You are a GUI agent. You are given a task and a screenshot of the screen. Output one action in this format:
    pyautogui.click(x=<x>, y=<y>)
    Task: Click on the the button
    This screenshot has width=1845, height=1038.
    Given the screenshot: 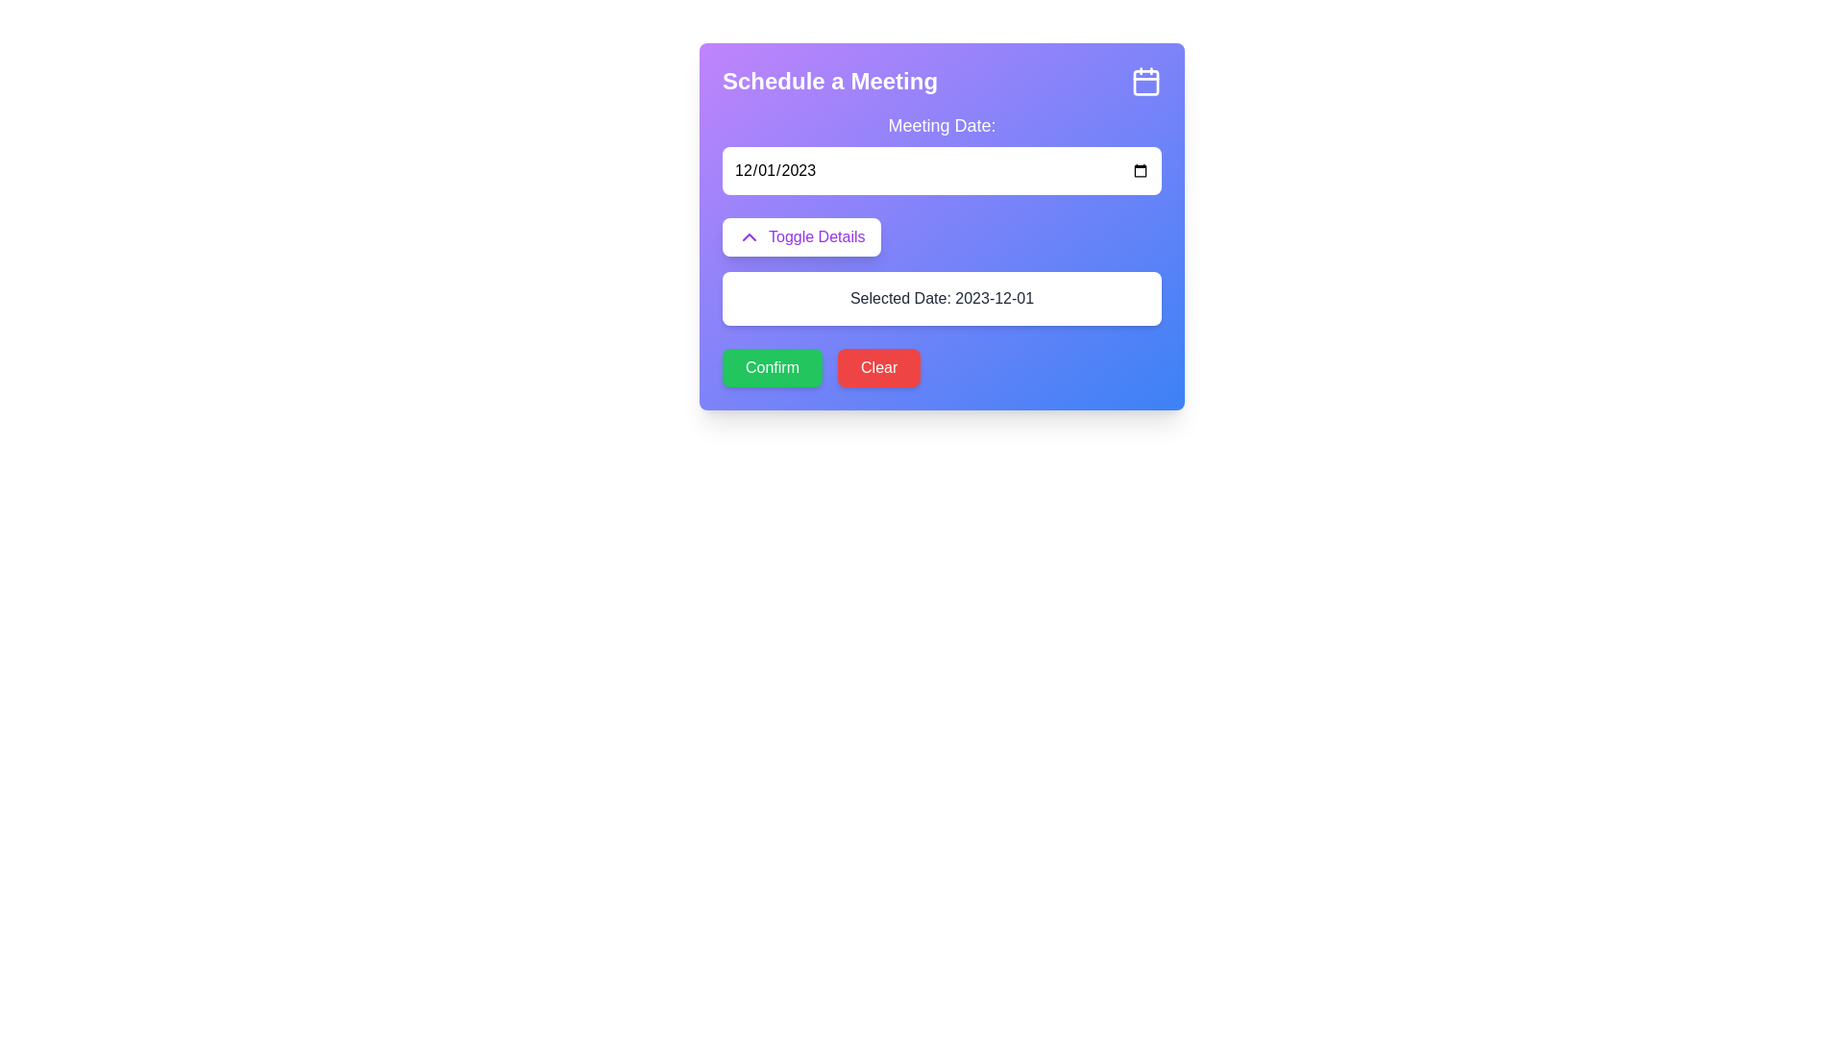 What is the action you would take?
    pyautogui.click(x=942, y=271)
    